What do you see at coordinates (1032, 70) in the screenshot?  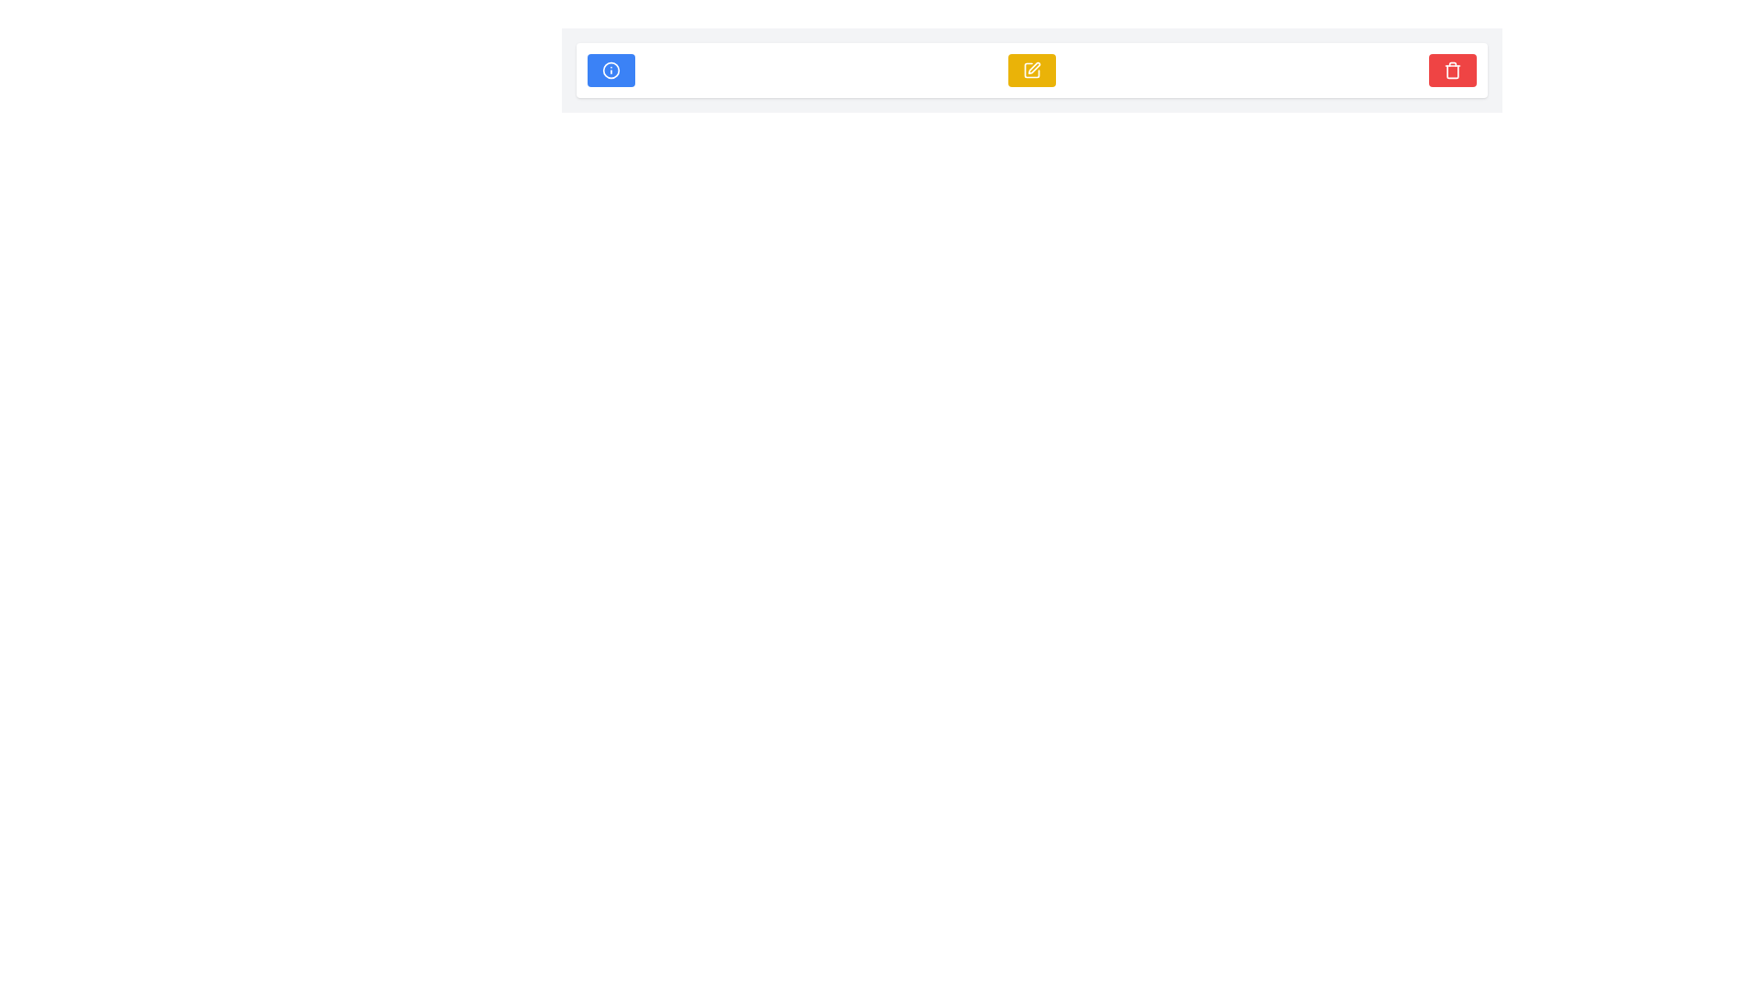 I see `the first graphical element of the square-shaped icon with rounded corners, representing a pen or writing action, located in the middle of the interface section` at bounding box center [1032, 70].